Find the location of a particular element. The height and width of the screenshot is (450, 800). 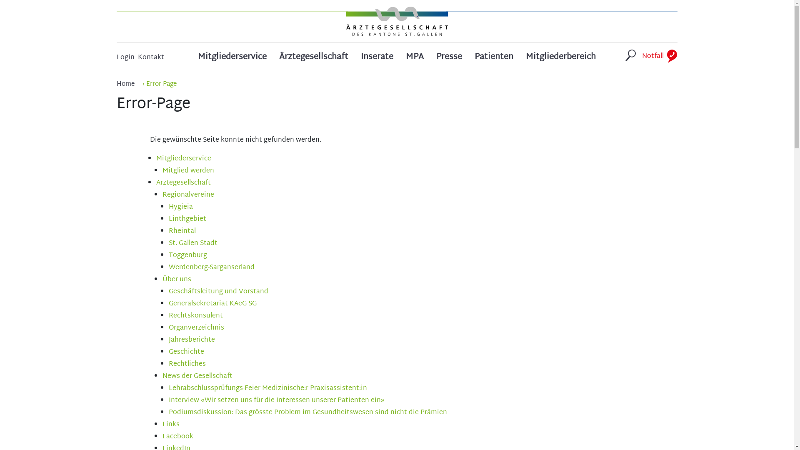

'MPA' is located at coordinates (415, 60).